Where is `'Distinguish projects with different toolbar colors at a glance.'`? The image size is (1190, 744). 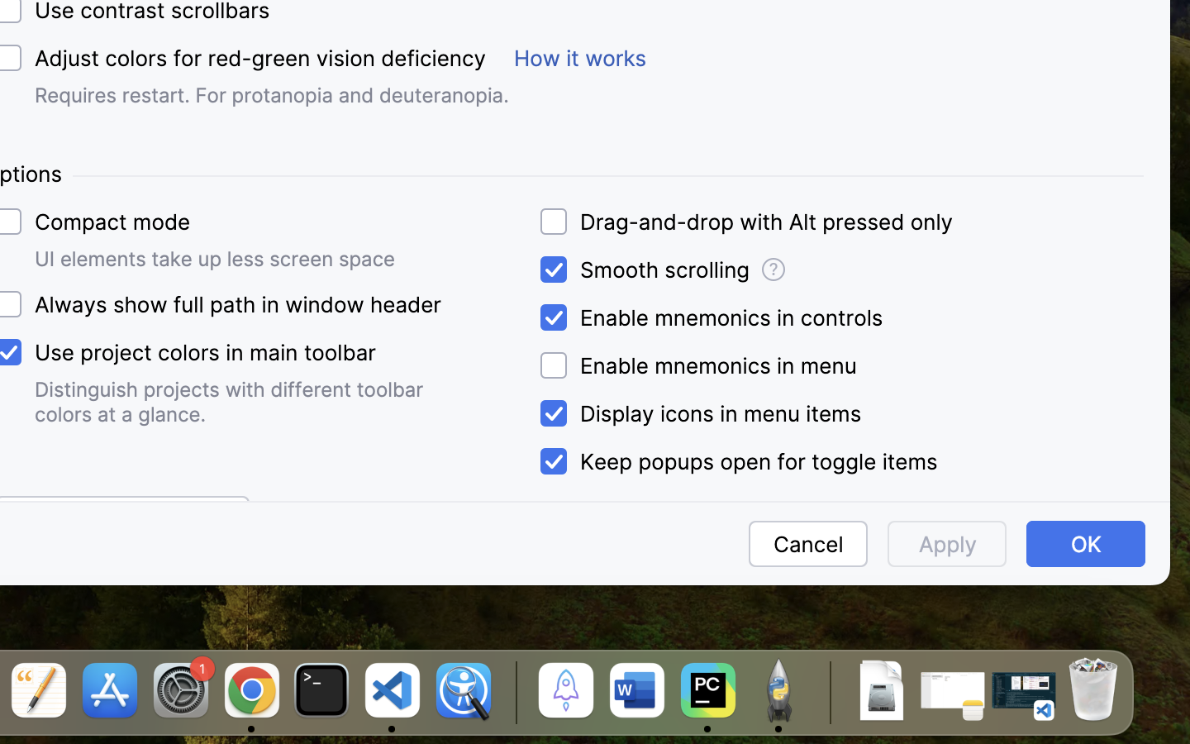 'Distinguish projects with different toolbar colors at a glance.' is located at coordinates (231, 401).